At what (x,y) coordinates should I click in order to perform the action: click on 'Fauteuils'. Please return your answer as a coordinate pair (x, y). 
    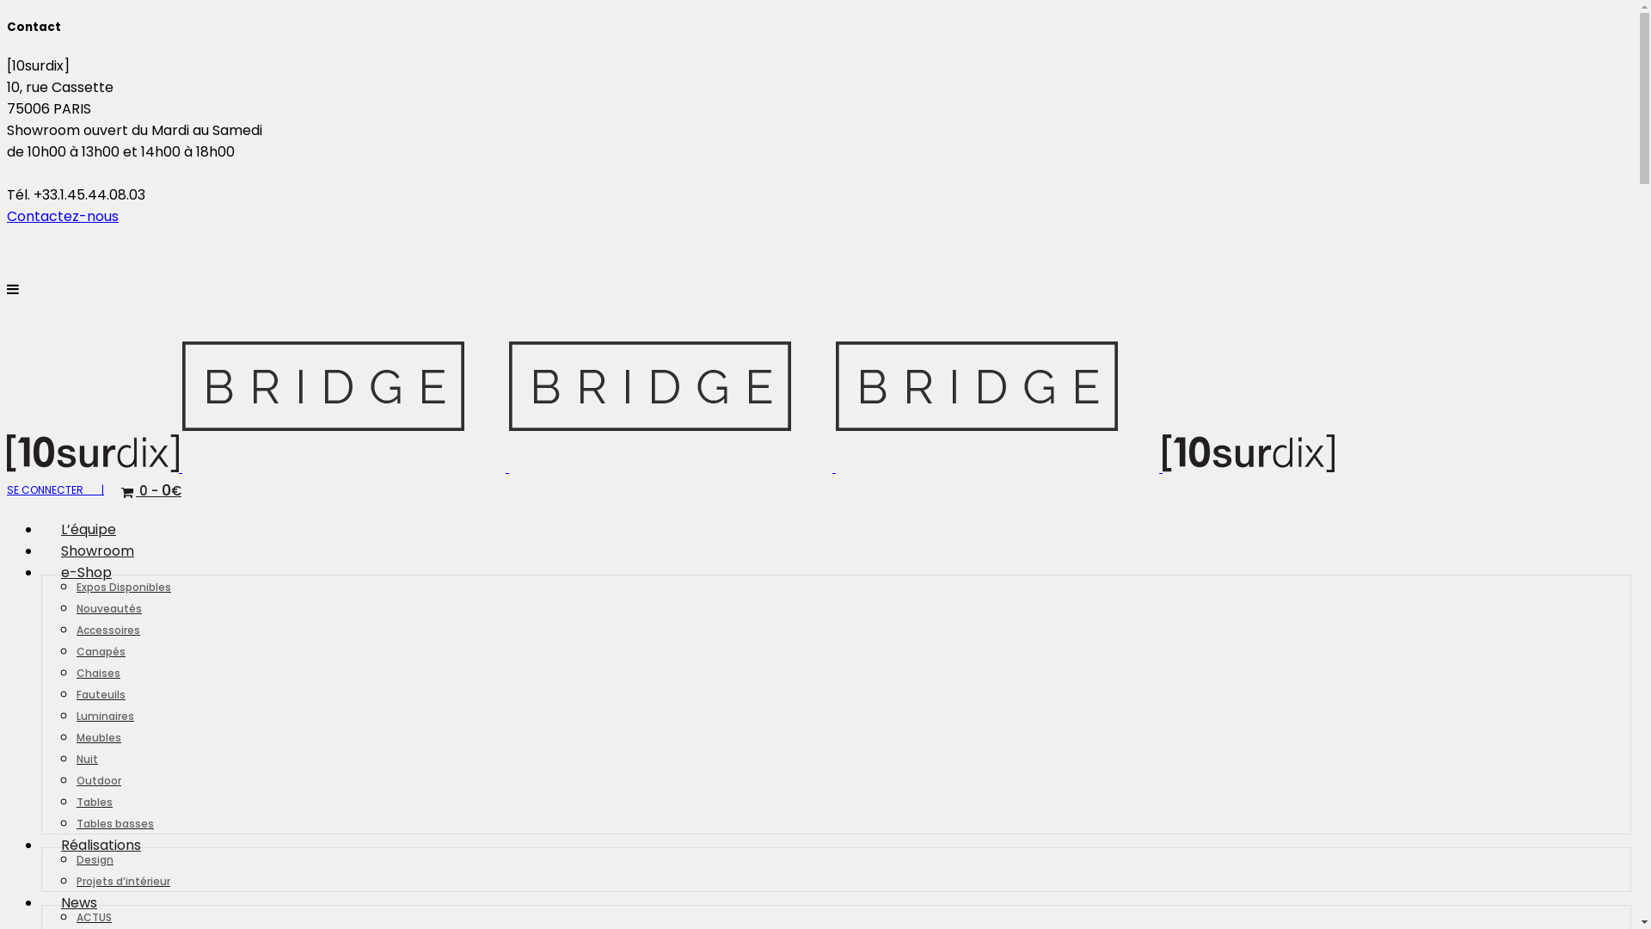
    Looking at the image, I should click on (100, 692).